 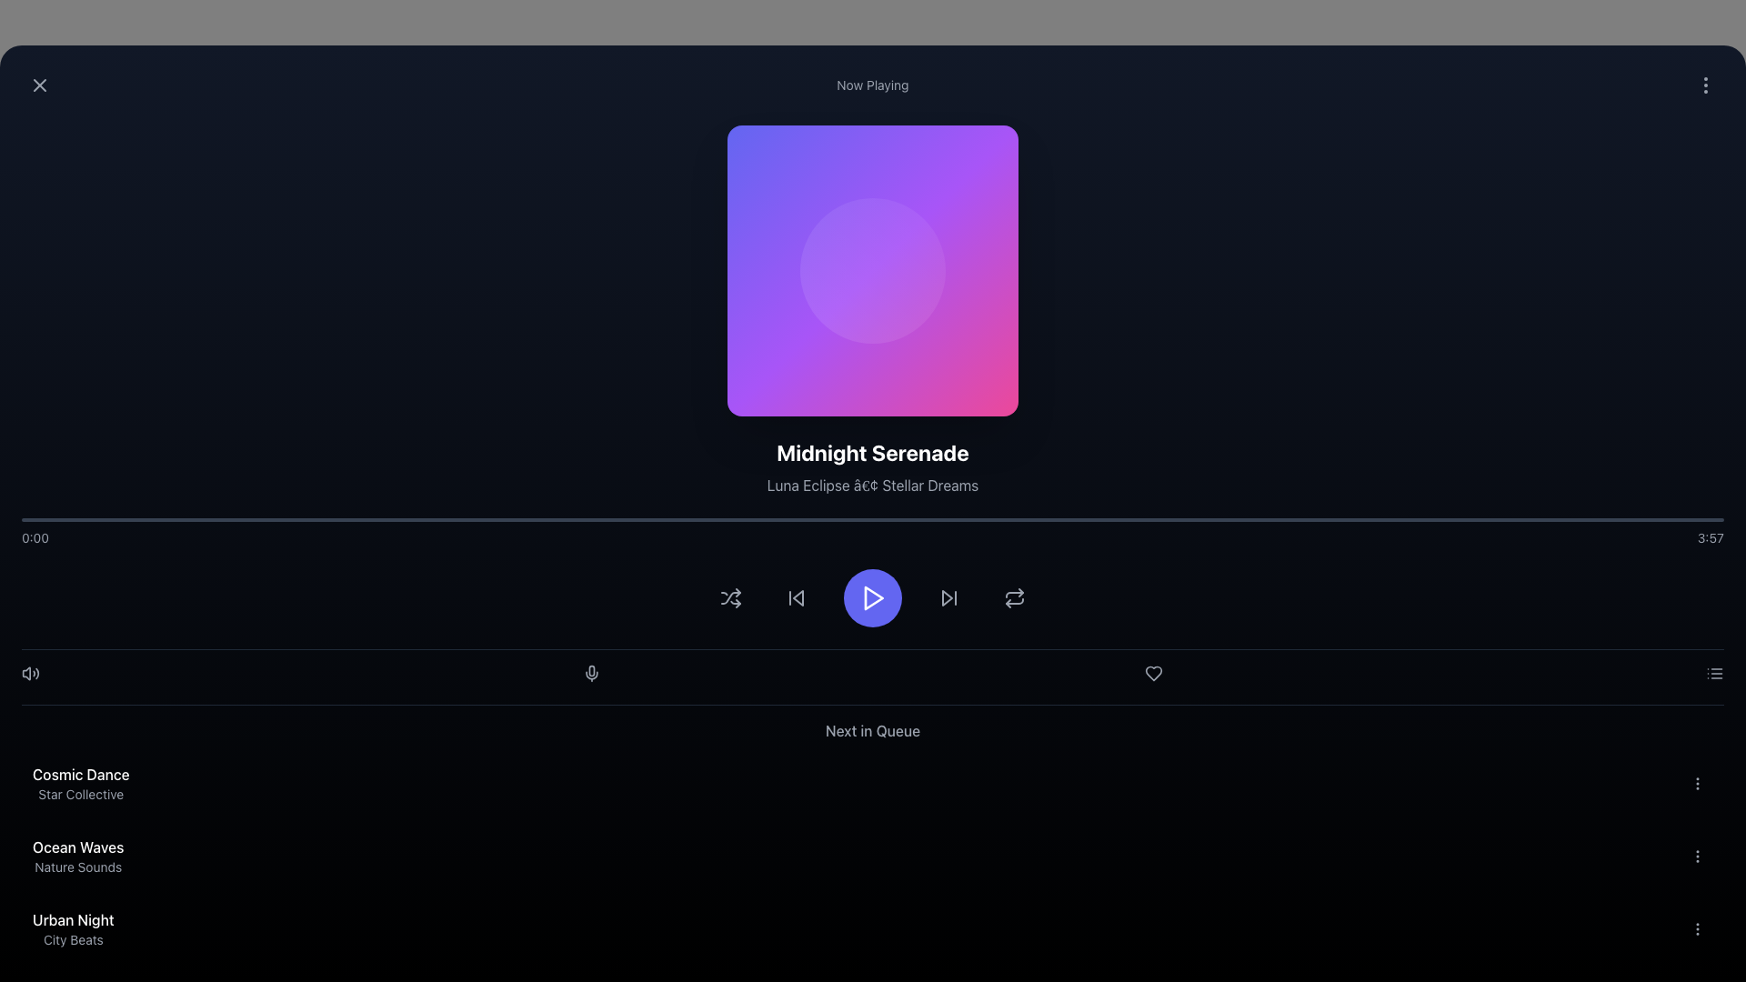 I want to click on the currently playing track information element, which displays the track title in bold and the artist or album details below it, located at the central-horizontal axis beneath the album artwork, so click(x=873, y=466).